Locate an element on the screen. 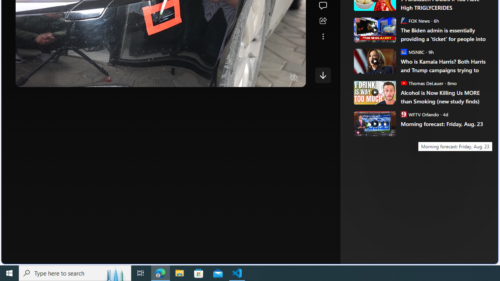  'WFTV Orlando' is located at coordinates (404, 114).